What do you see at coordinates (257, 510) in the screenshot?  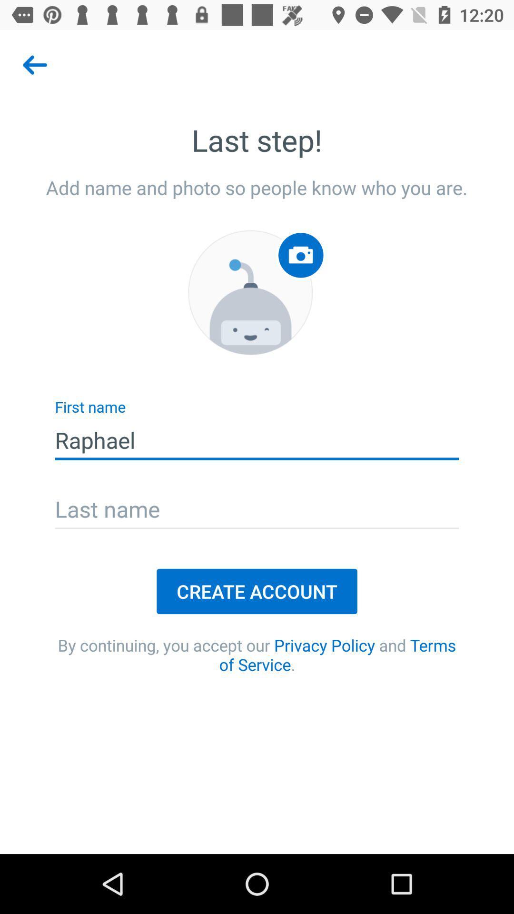 I see `the icon above create account item` at bounding box center [257, 510].